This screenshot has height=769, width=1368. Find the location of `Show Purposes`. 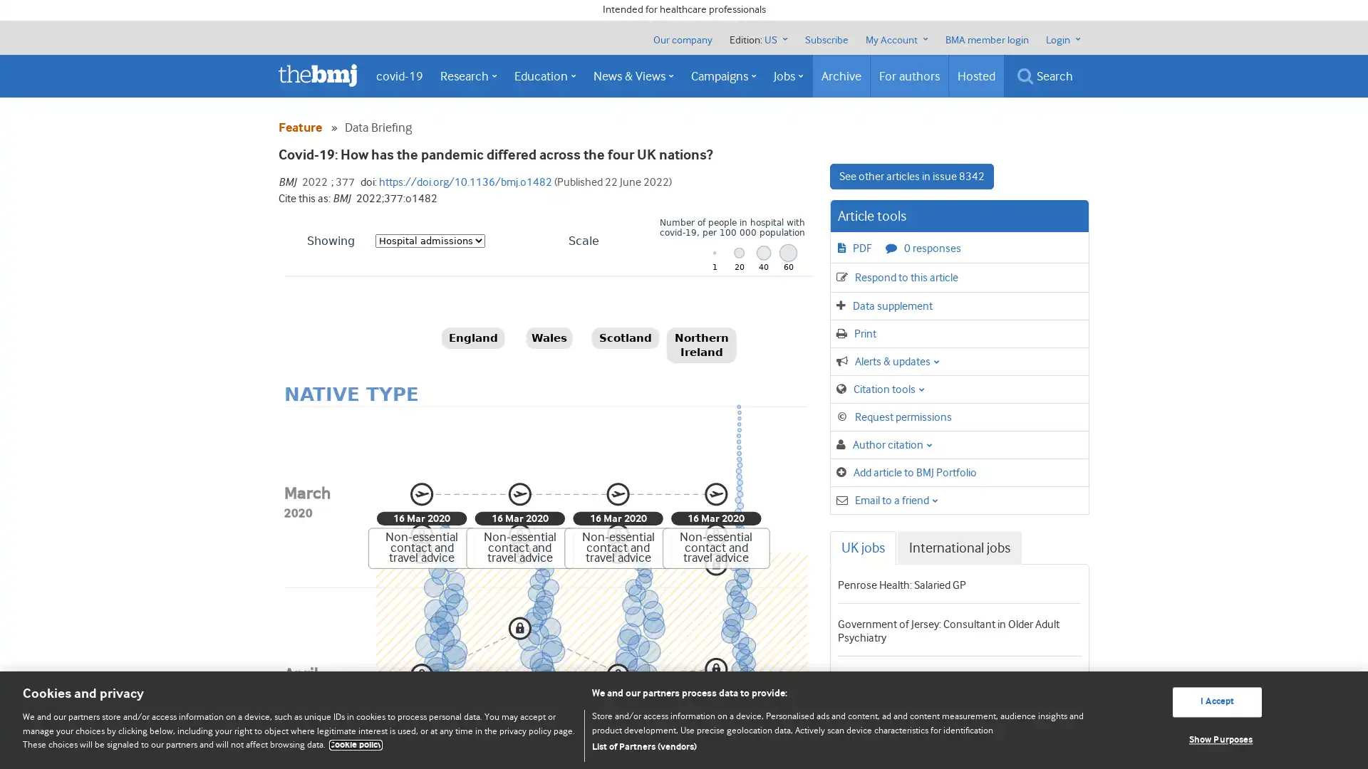

Show Purposes is located at coordinates (1216, 739).